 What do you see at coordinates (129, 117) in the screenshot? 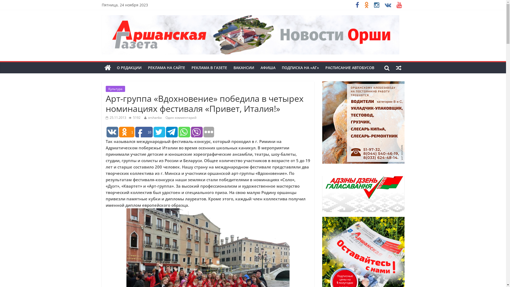
I see `'5192'` at bounding box center [129, 117].